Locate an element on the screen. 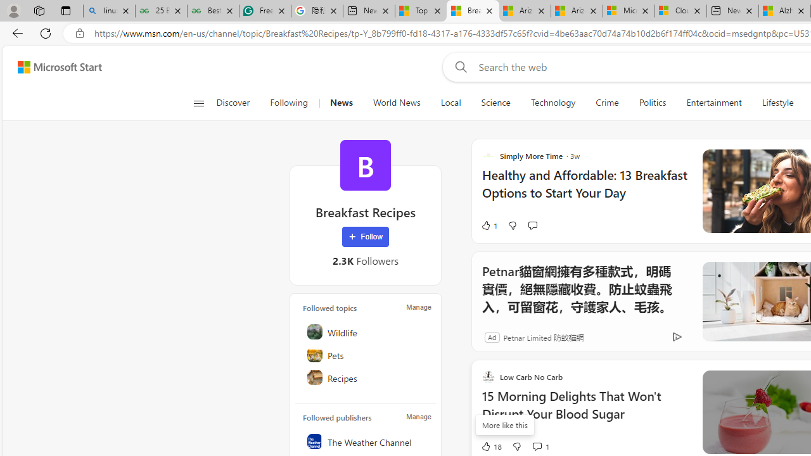 The height and width of the screenshot is (456, 811). 'Science' is located at coordinates (495, 103).